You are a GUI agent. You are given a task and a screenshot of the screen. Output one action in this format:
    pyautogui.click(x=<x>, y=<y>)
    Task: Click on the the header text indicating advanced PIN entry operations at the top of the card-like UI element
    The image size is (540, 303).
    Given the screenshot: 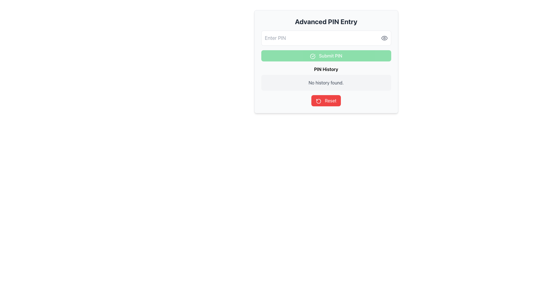 What is the action you would take?
    pyautogui.click(x=326, y=21)
    